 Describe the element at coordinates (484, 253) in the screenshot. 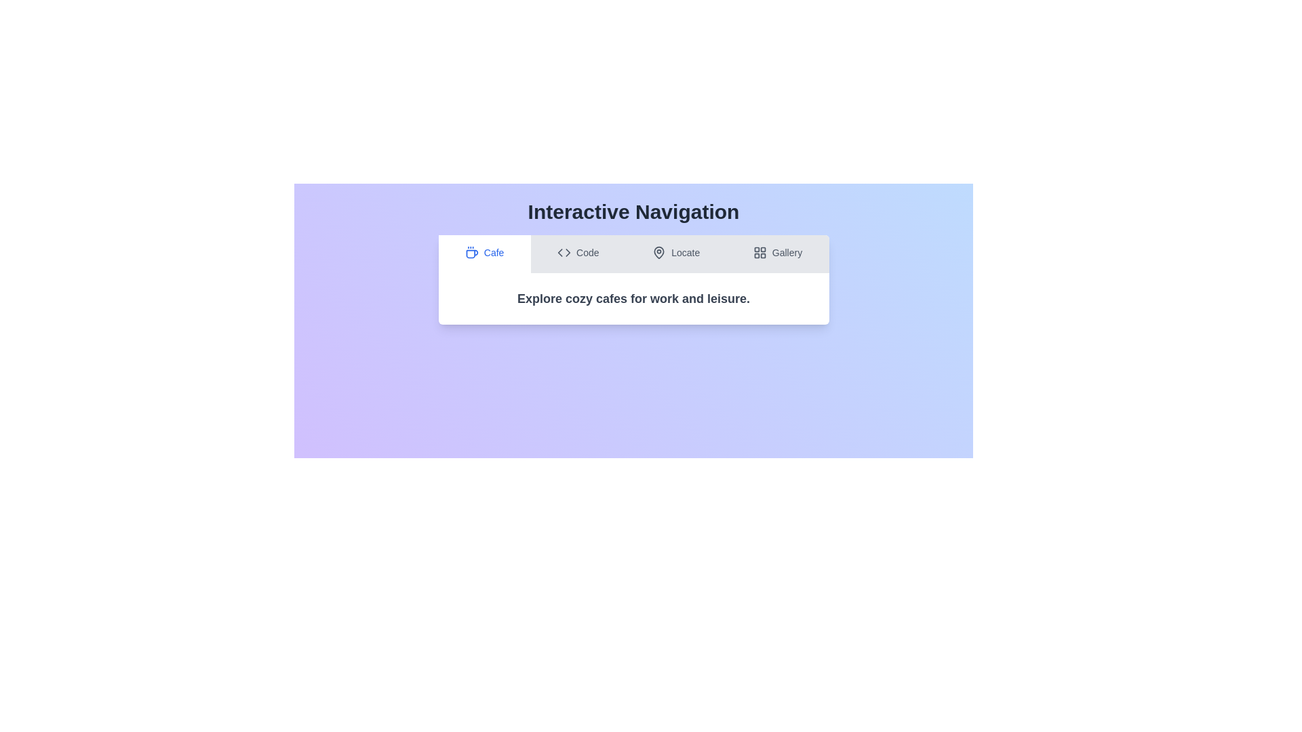

I see `the tab labeled Cafe` at that location.